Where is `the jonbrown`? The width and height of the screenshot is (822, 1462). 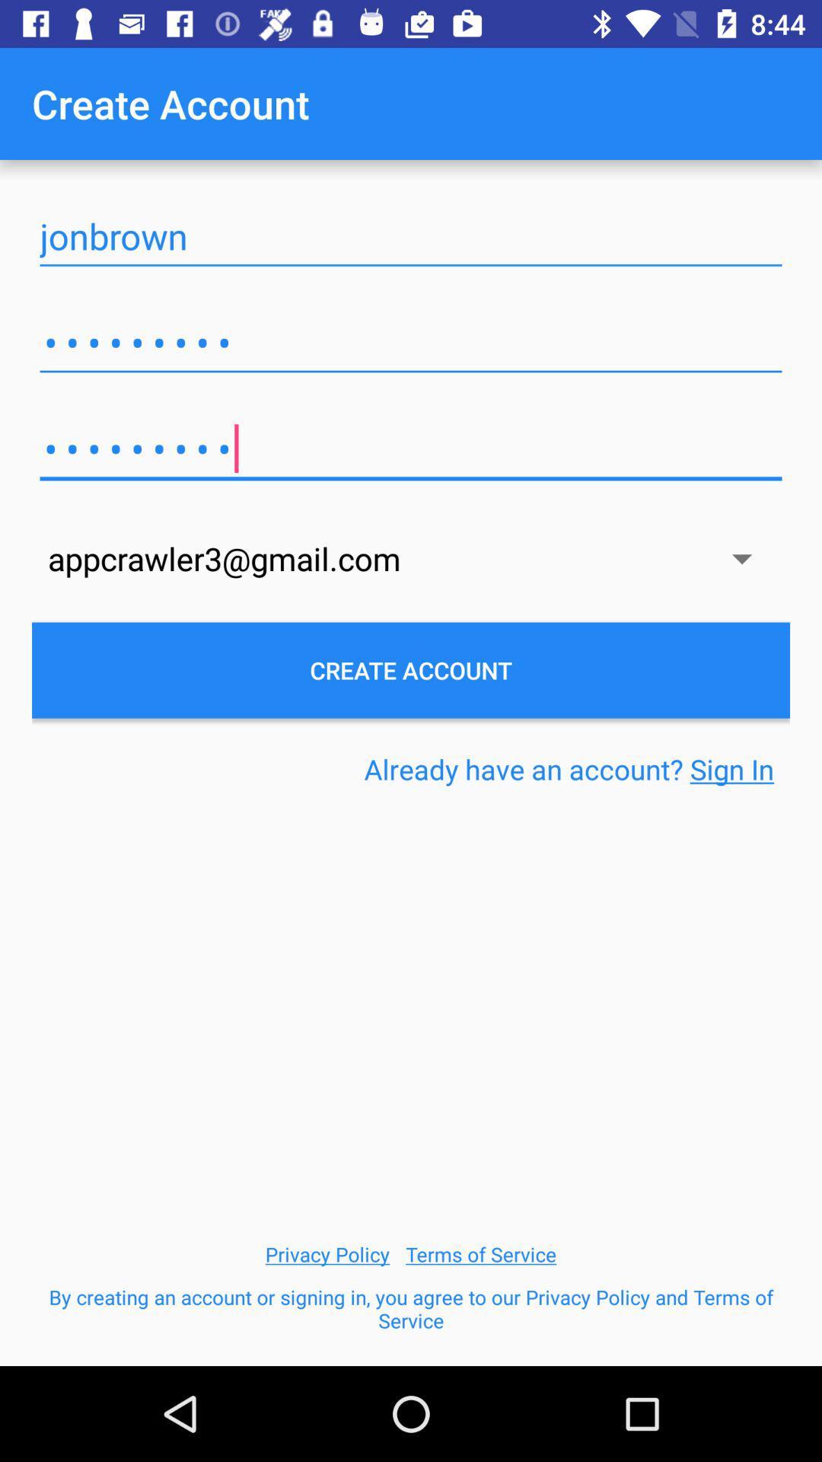
the jonbrown is located at coordinates (411, 236).